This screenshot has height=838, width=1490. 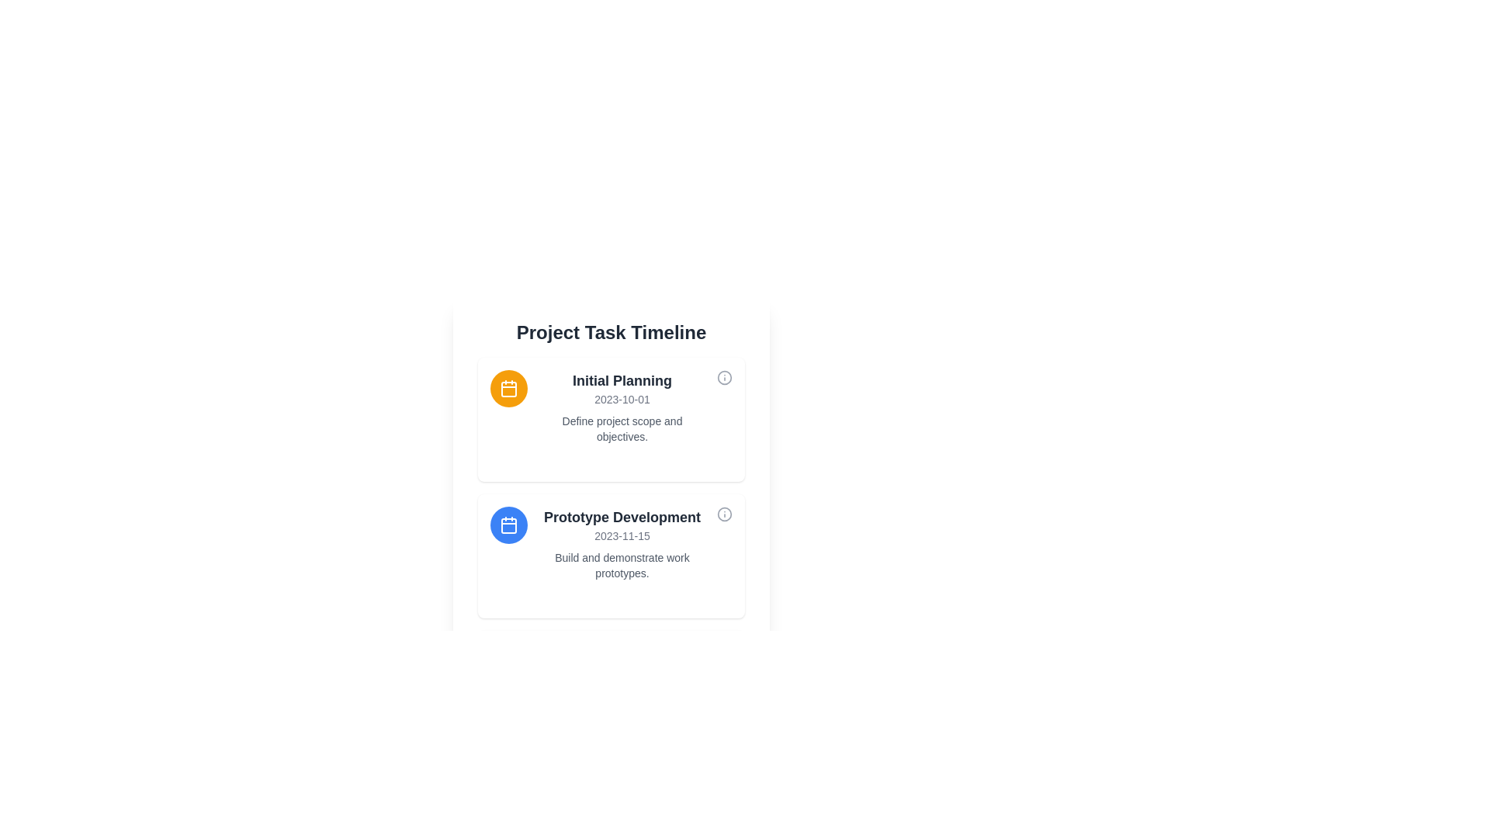 I want to click on the date text '2023-11-15' displayed in gray typeface, which is positioned below the title 'Prototype Development', so click(x=622, y=535).